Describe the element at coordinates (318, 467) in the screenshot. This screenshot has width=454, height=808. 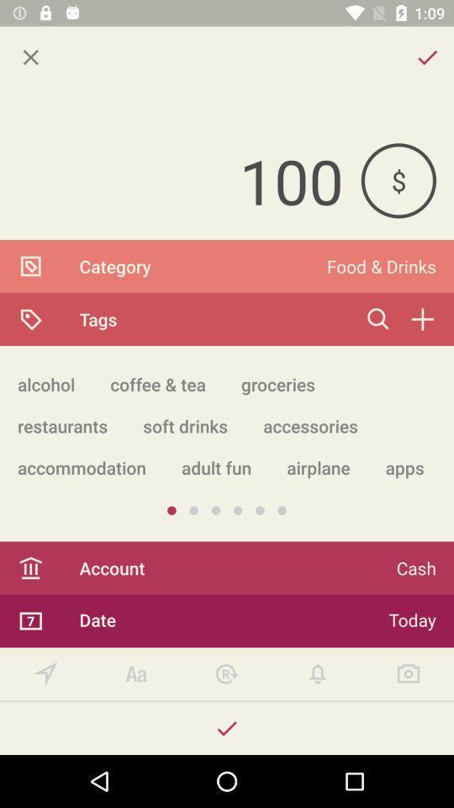
I see `the item next to apps icon` at that location.